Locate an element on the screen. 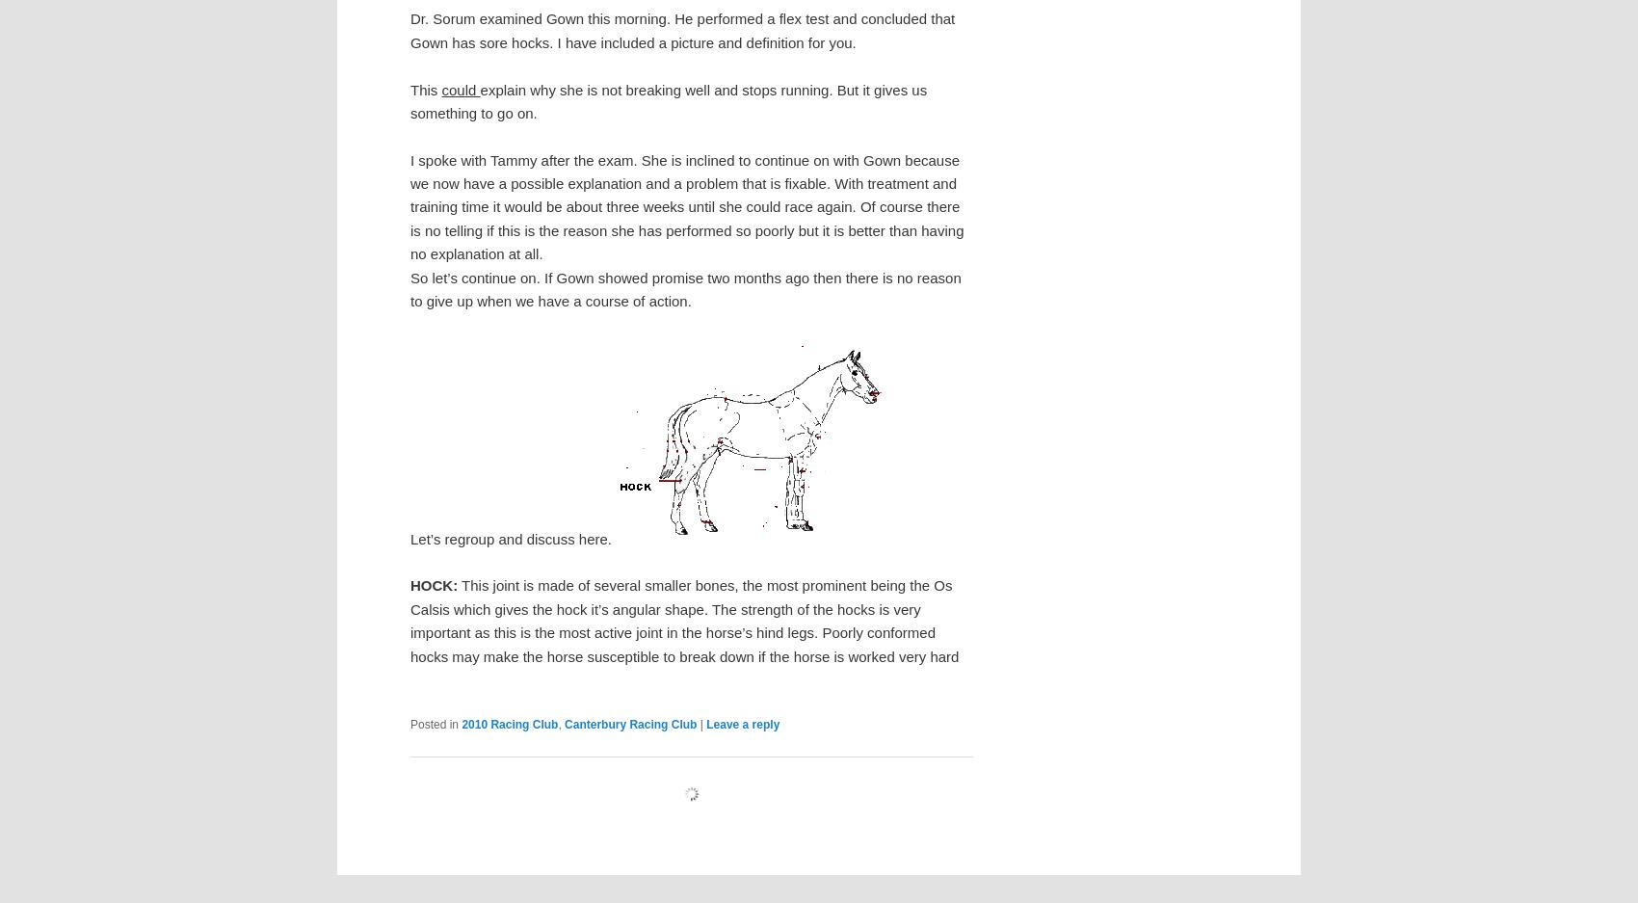 Image resolution: width=1638 pixels, height=903 pixels. 'Dr. Sorum examined Gown this morning. He performed a flex test and concluded that Gown has sore hocks. I have included a picture and definition for you.' is located at coordinates (682, 29).